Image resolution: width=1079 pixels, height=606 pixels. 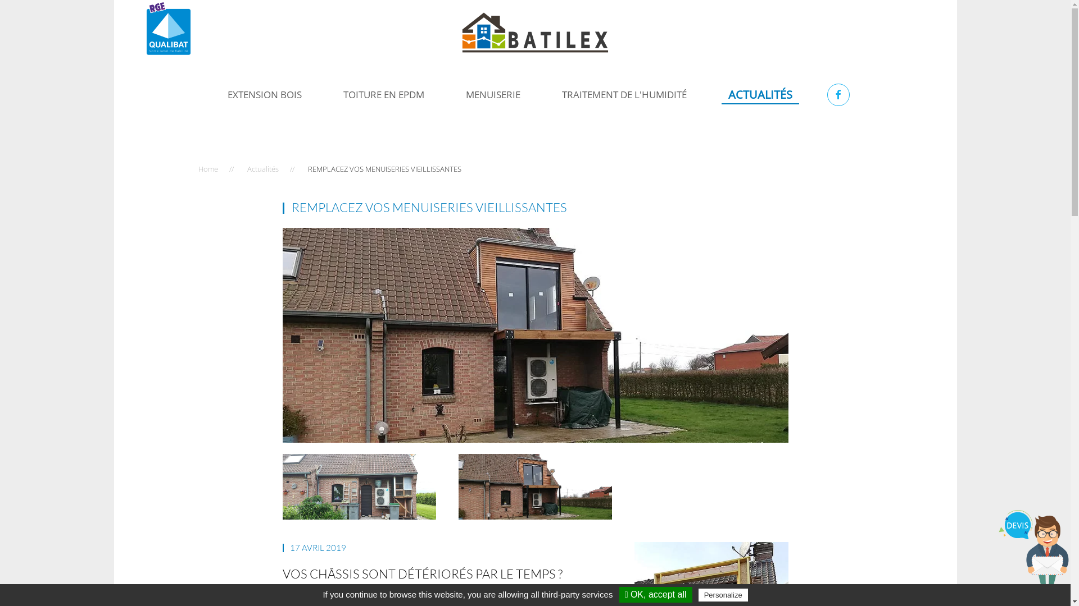 I want to click on 'Home', so click(x=207, y=168).